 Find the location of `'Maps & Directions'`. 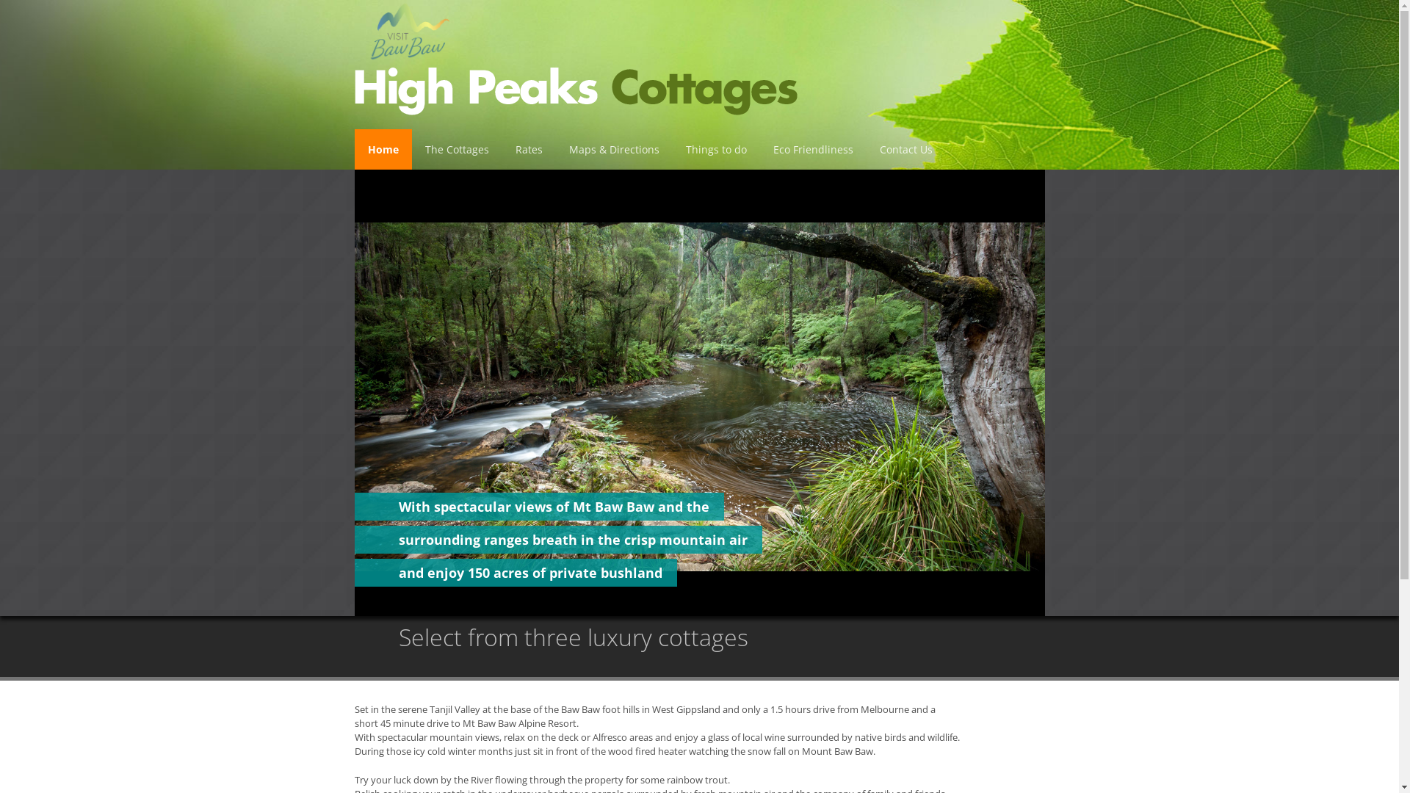

'Maps & Directions' is located at coordinates (613, 149).